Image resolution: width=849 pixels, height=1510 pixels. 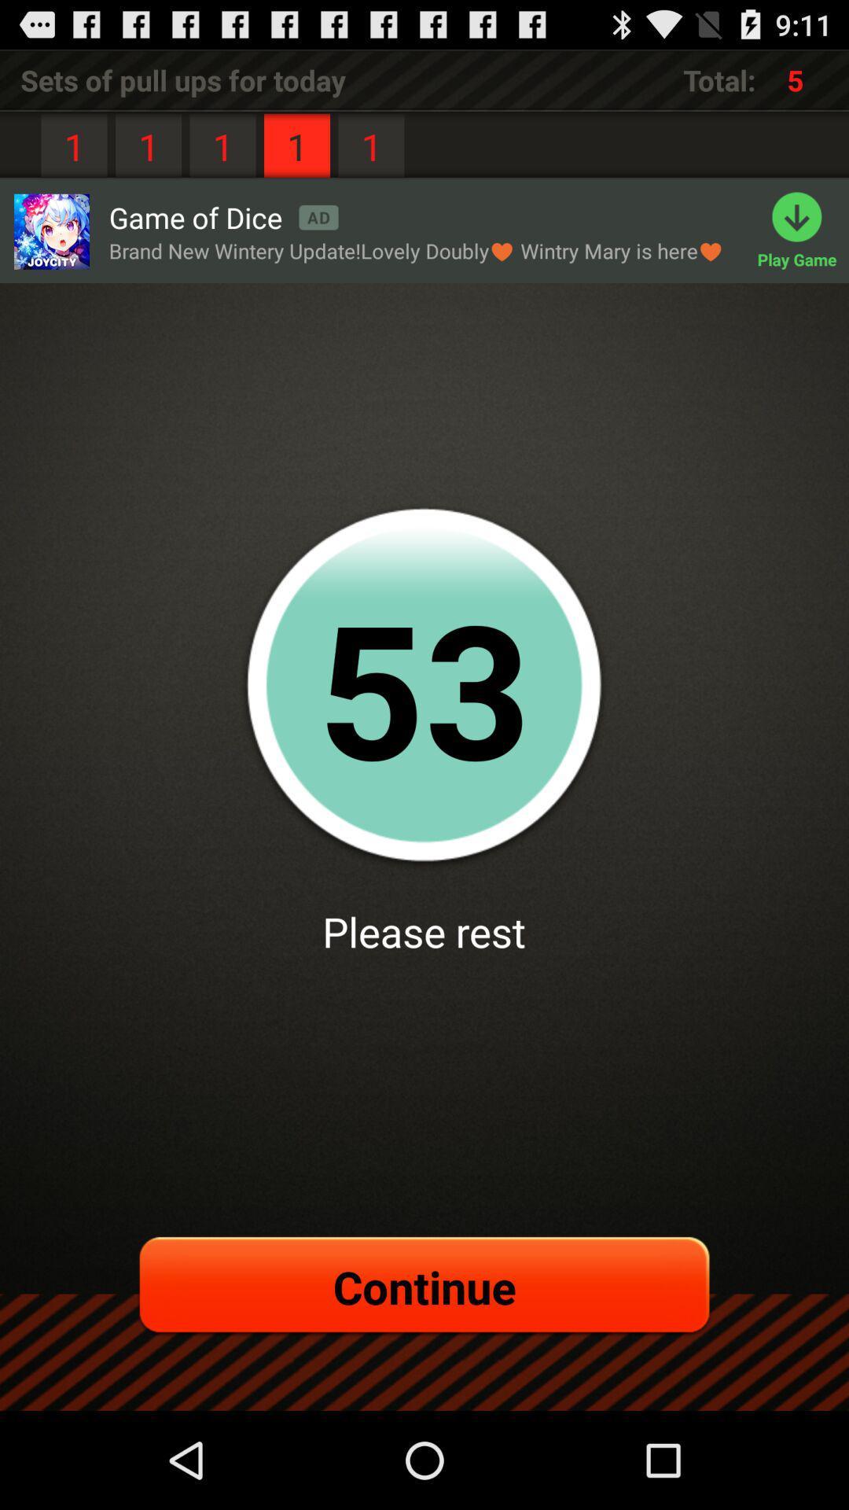 What do you see at coordinates (50, 230) in the screenshot?
I see `main picture of an advertisement` at bounding box center [50, 230].